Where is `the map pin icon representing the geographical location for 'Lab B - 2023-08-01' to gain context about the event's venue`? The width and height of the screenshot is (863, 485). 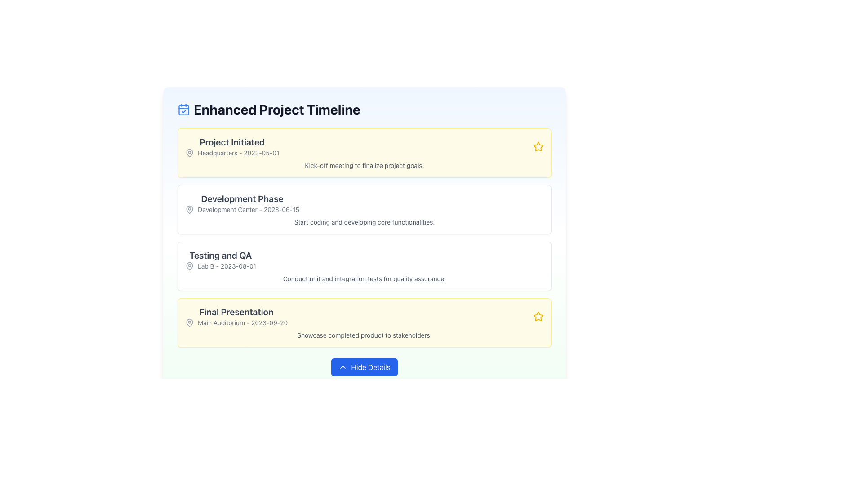
the map pin icon representing the geographical location for 'Lab B - 2023-08-01' to gain context about the event's venue is located at coordinates (189, 266).